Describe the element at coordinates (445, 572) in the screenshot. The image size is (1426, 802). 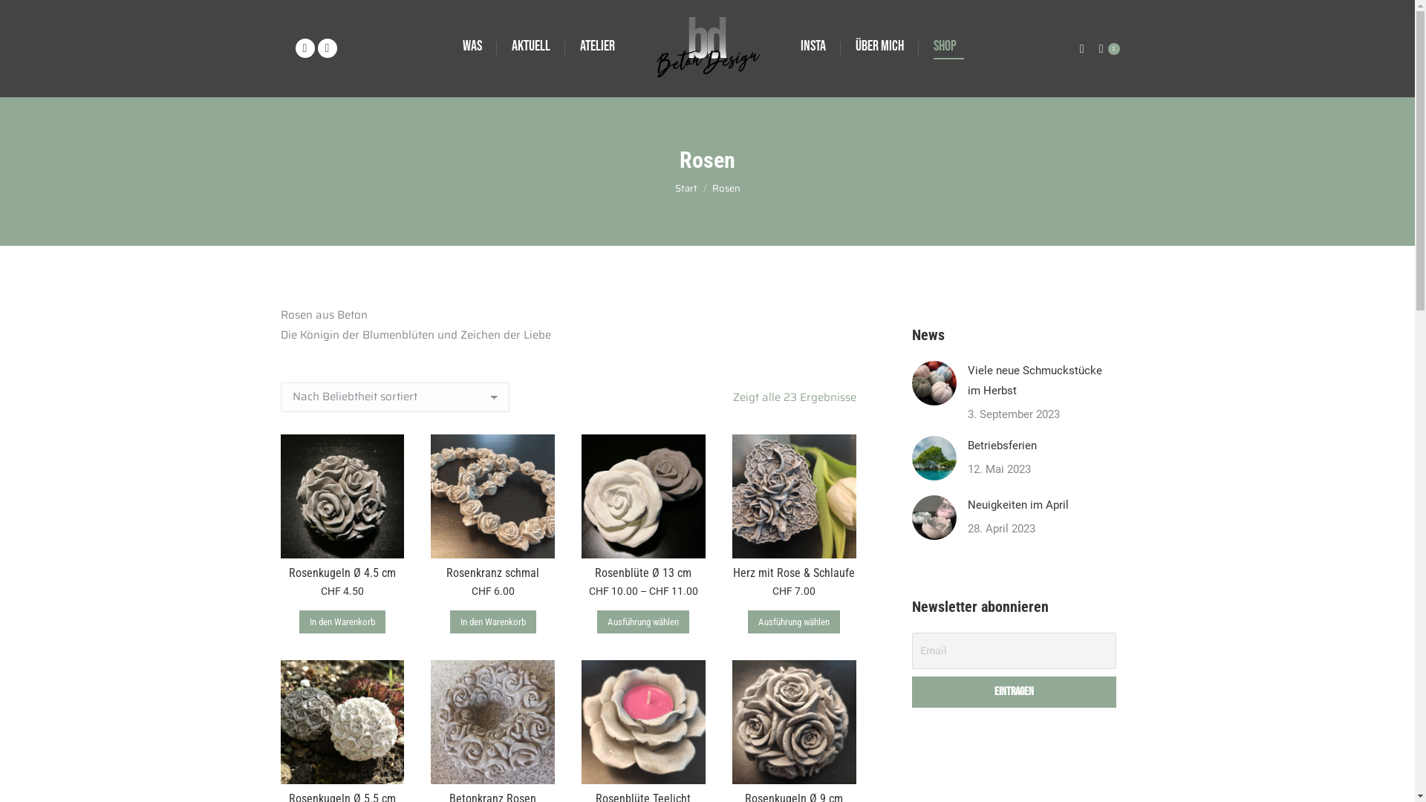
I see `'Rosenkranz schmal'` at that location.